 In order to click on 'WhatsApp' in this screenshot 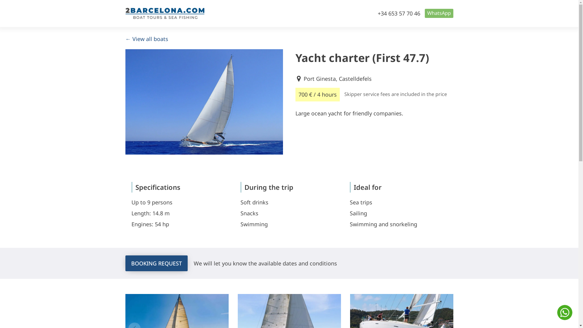, I will do `click(438, 13)`.